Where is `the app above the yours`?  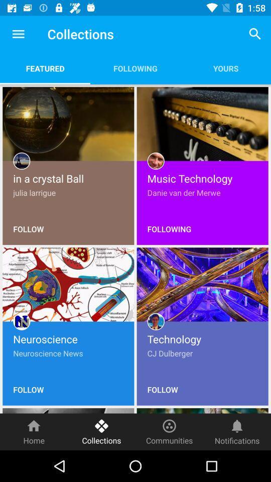
the app above the yours is located at coordinates (255, 34).